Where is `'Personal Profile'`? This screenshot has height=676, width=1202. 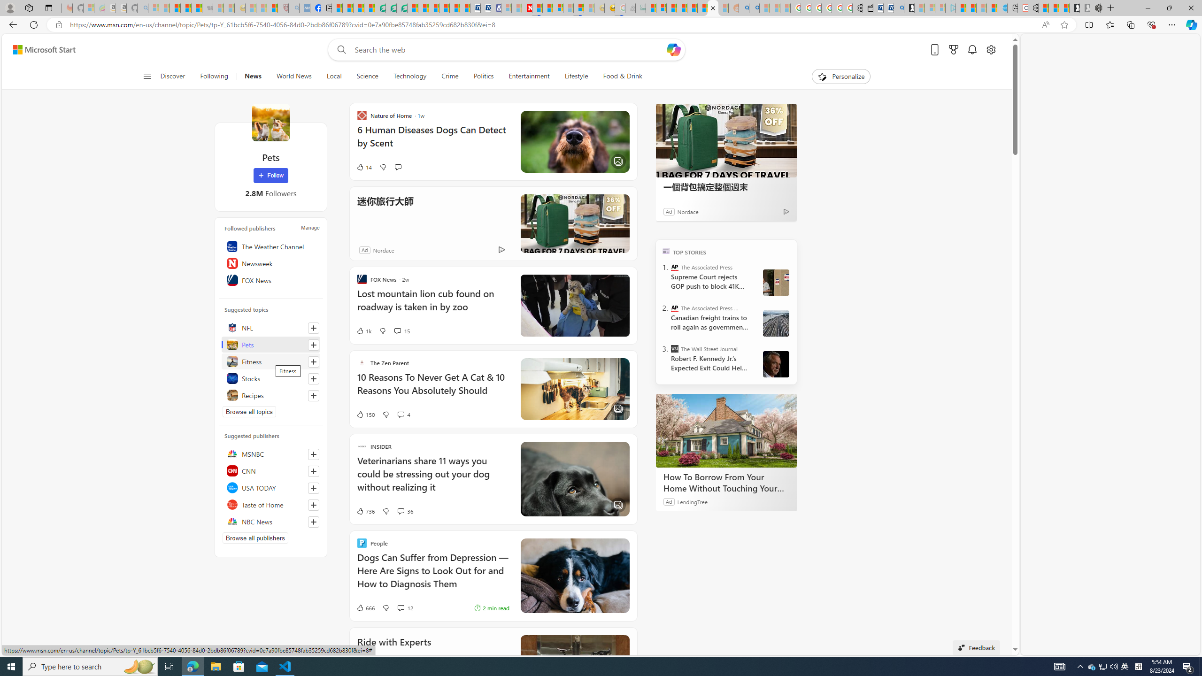 'Personal Profile' is located at coordinates (9, 8).